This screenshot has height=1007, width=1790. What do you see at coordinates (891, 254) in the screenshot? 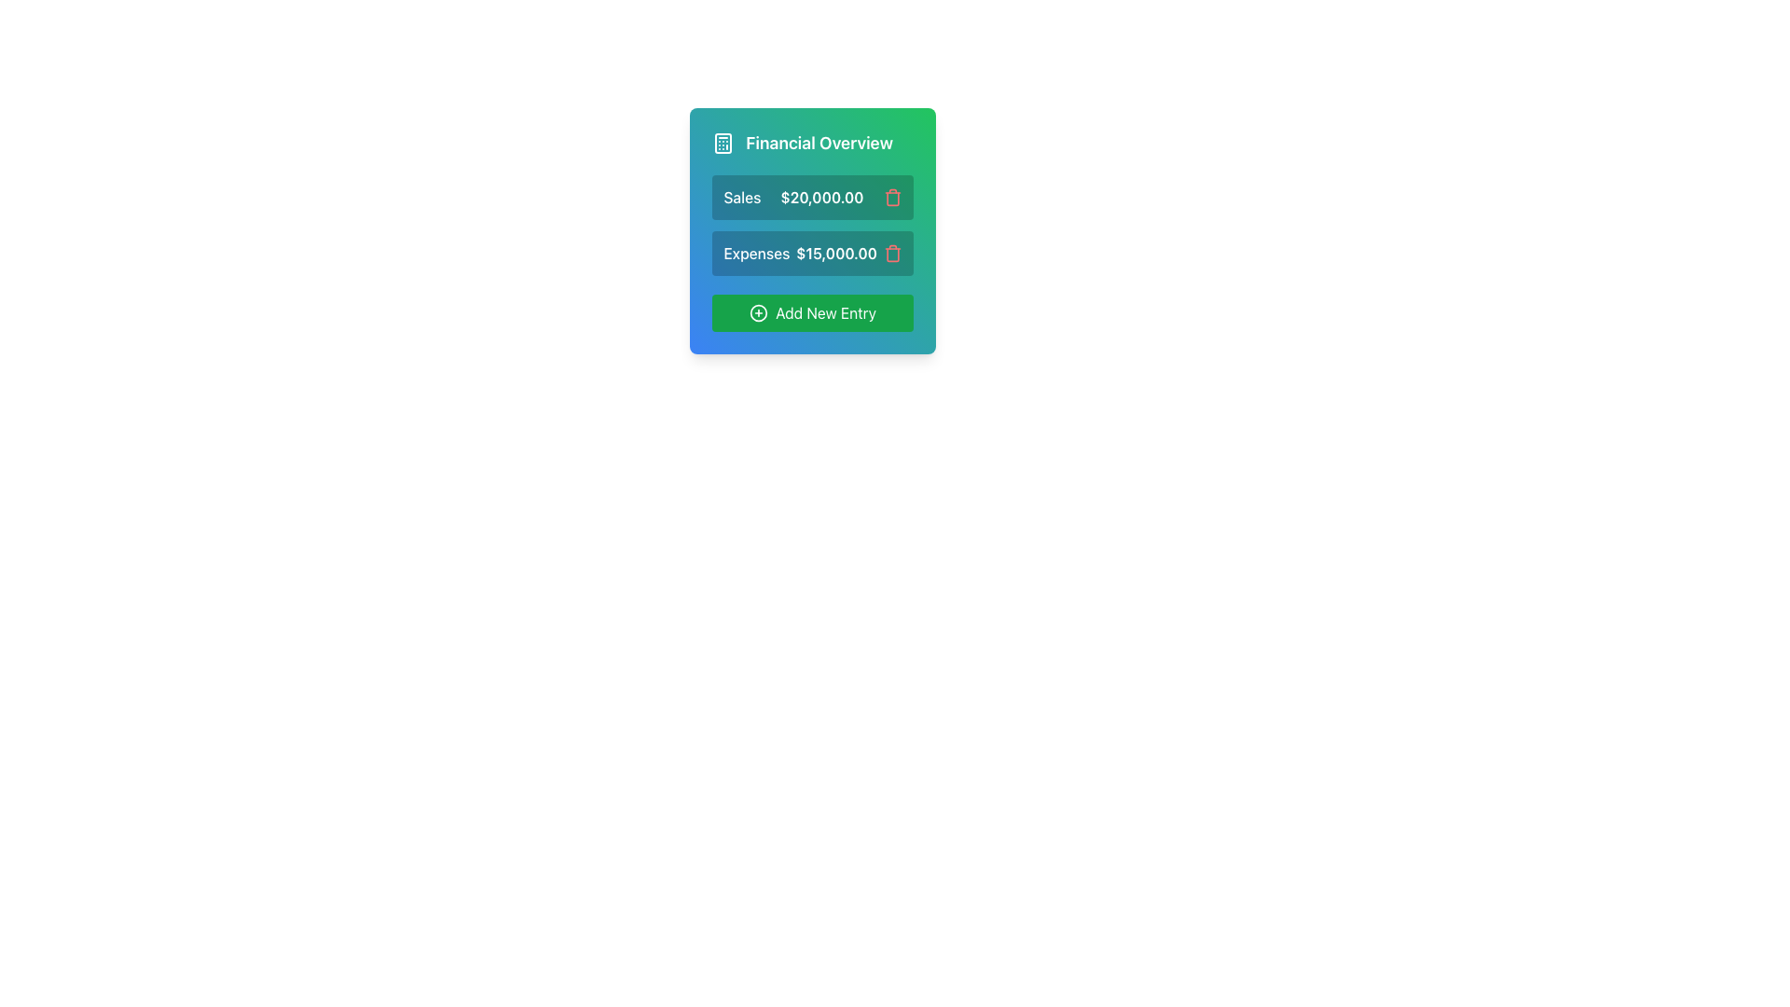
I see `the delete button associated with the entry 'Expenses $15,000.00'` at bounding box center [891, 254].